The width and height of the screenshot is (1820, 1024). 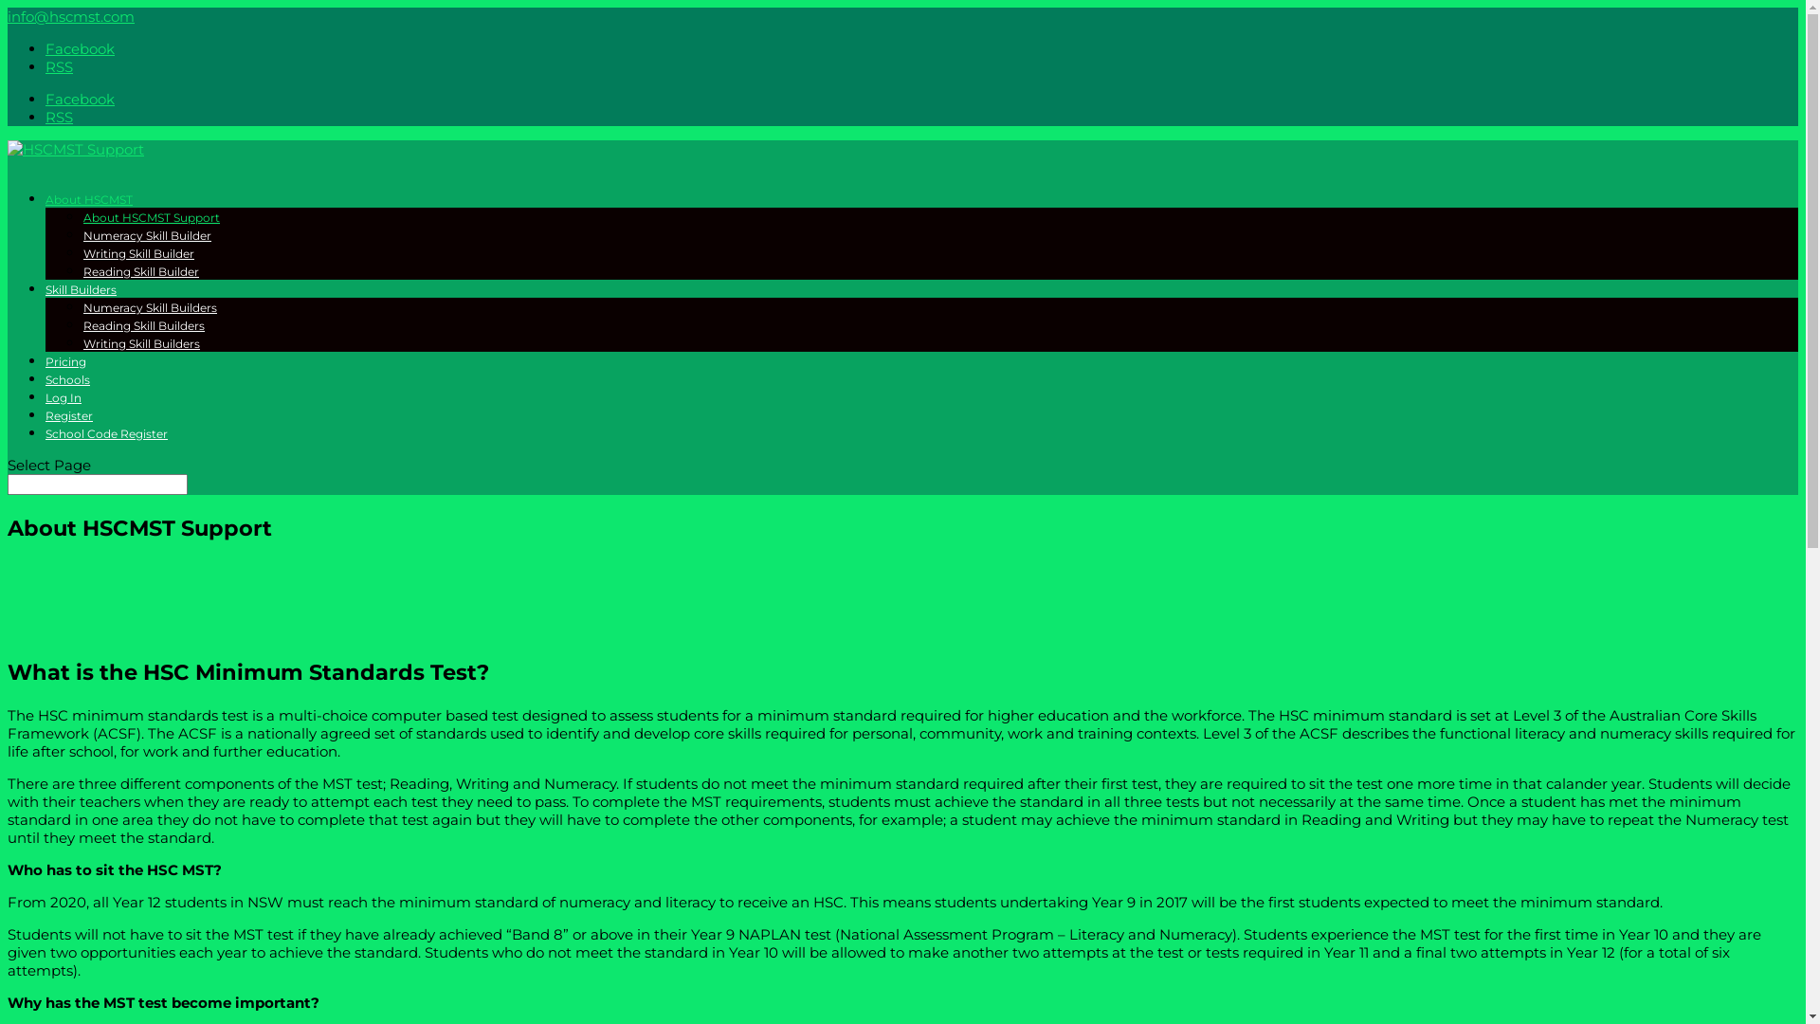 What do you see at coordinates (59, 65) in the screenshot?
I see `'RSS'` at bounding box center [59, 65].